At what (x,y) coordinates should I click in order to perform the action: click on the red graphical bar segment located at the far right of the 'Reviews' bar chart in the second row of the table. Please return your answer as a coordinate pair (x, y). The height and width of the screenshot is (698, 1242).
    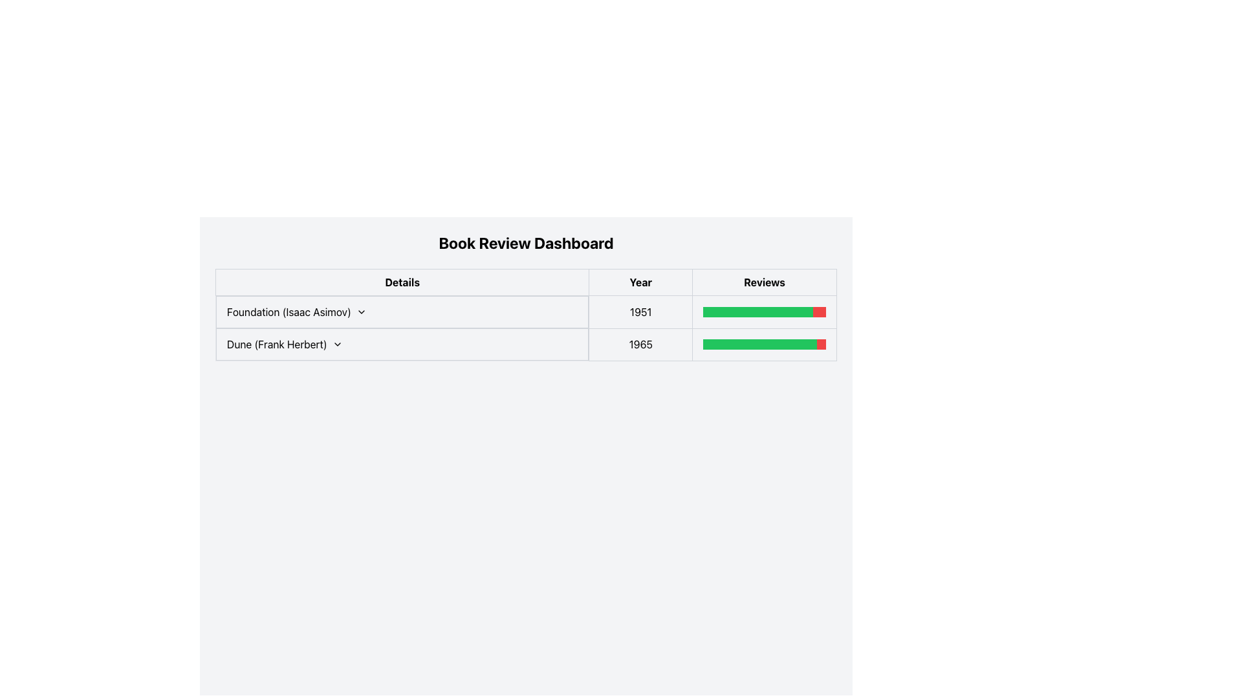
    Looking at the image, I should click on (821, 344).